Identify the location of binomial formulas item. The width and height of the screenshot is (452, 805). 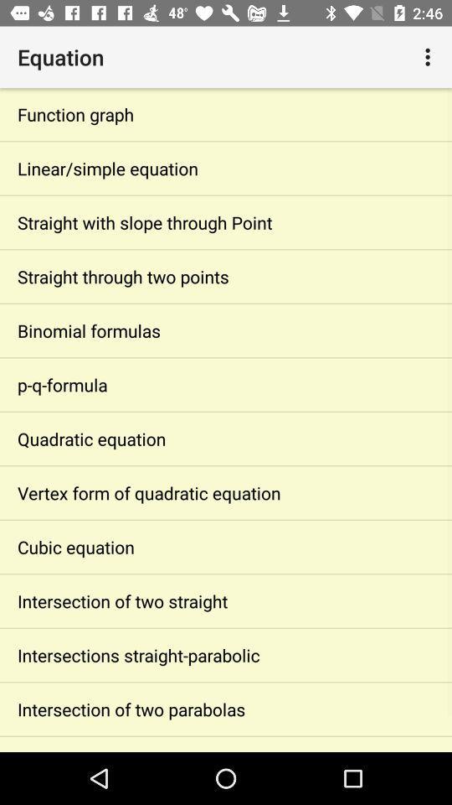
(226, 330).